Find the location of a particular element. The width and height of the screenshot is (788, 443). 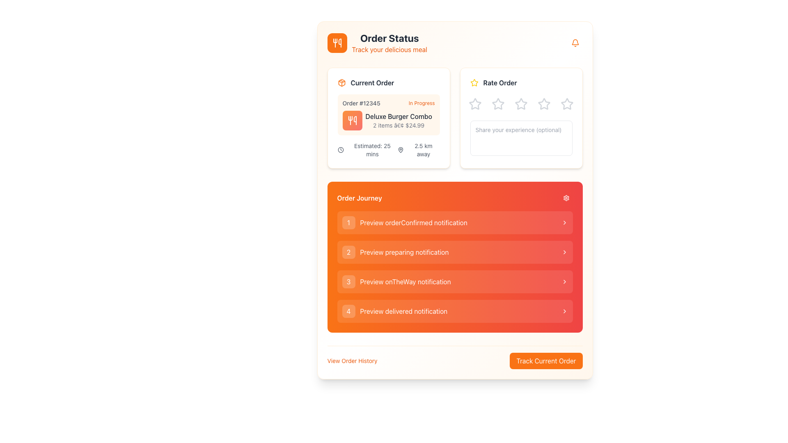

the SVG icon (map pin marker) that indicates a location related to the order's destination, located beneath the estimated time and distance text is located at coordinates (401, 150).